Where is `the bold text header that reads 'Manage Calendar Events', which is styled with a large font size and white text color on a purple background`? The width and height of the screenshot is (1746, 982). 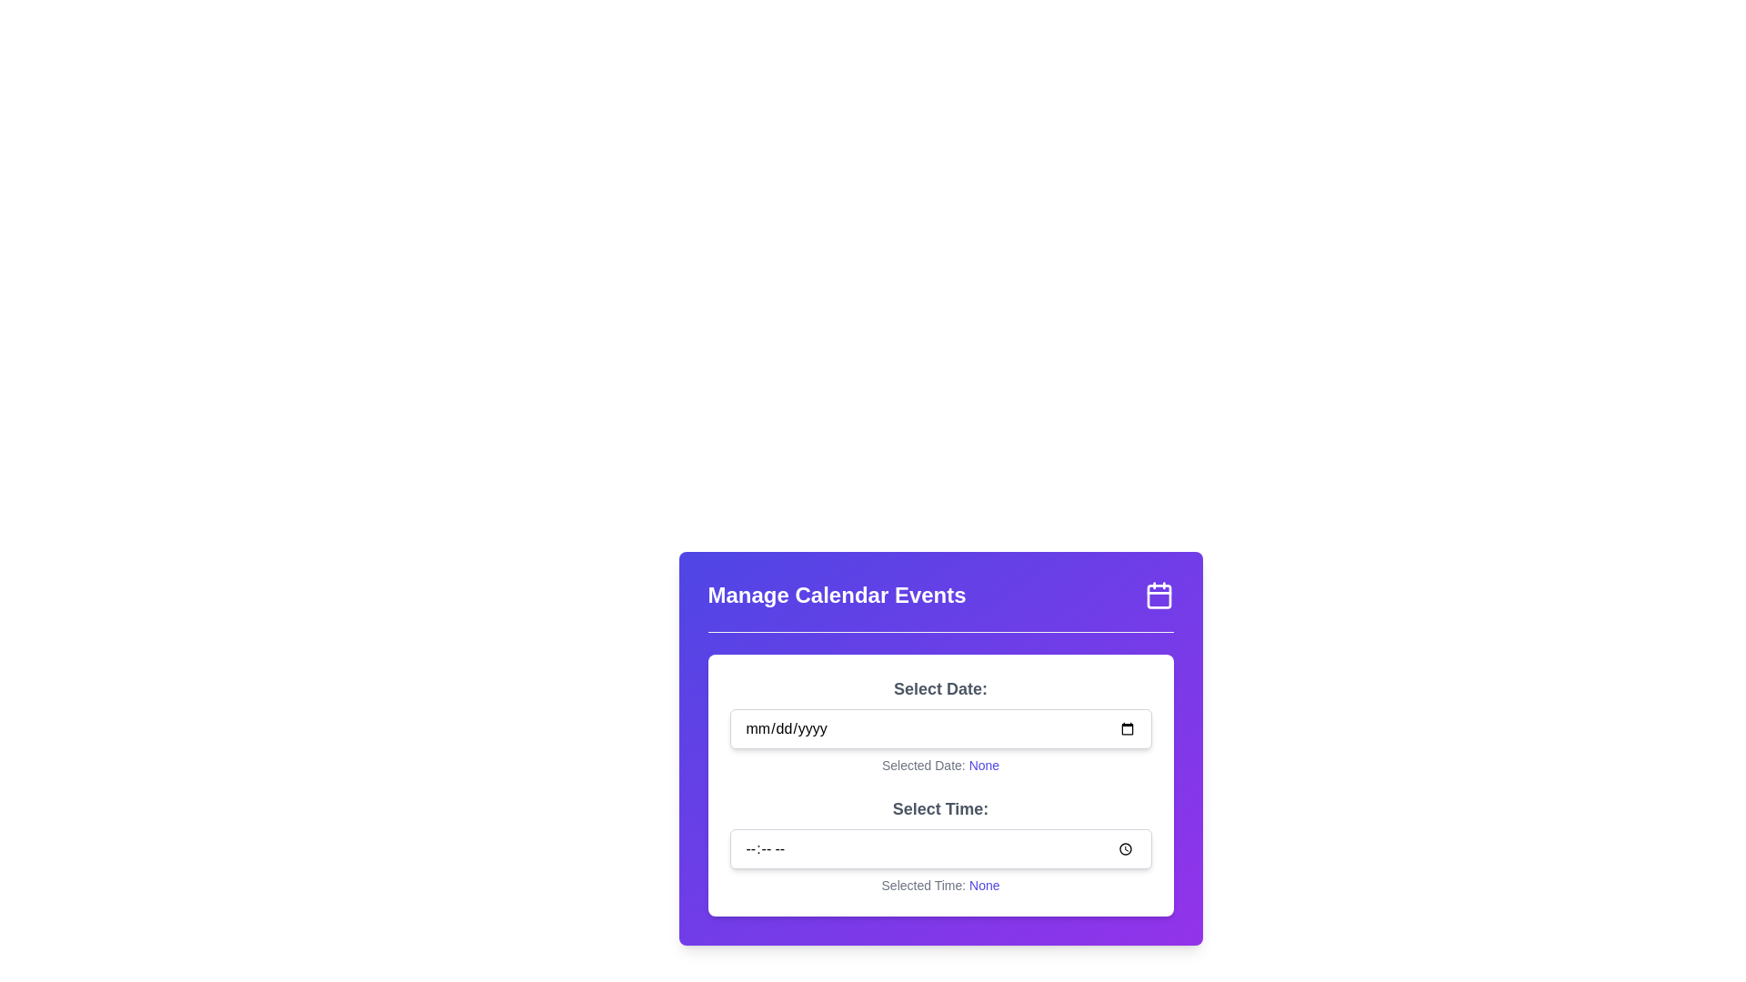 the bold text header that reads 'Manage Calendar Events', which is styled with a large font size and white text color on a purple background is located at coordinates (836, 596).